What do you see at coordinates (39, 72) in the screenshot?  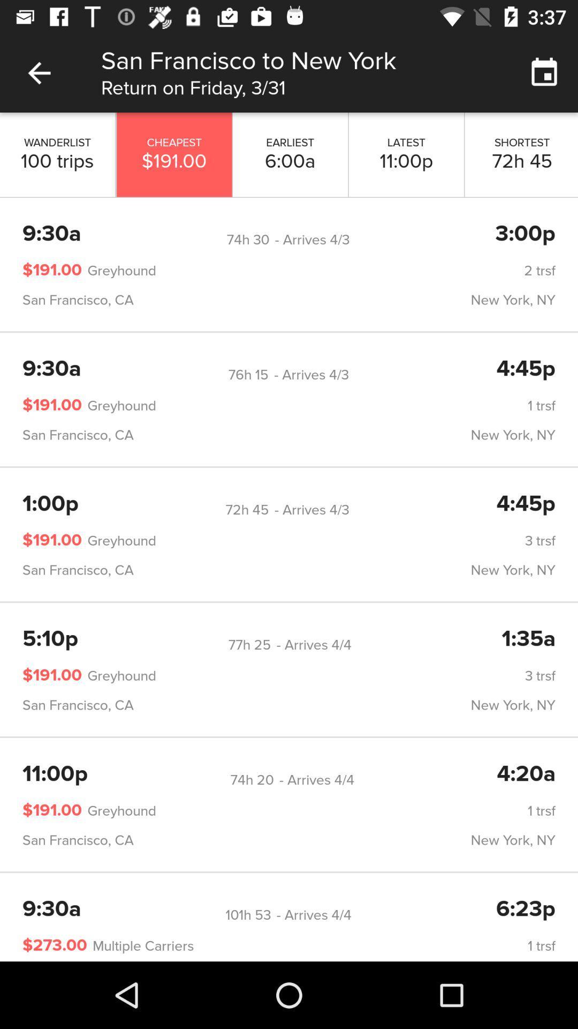 I see `return to previous page` at bounding box center [39, 72].